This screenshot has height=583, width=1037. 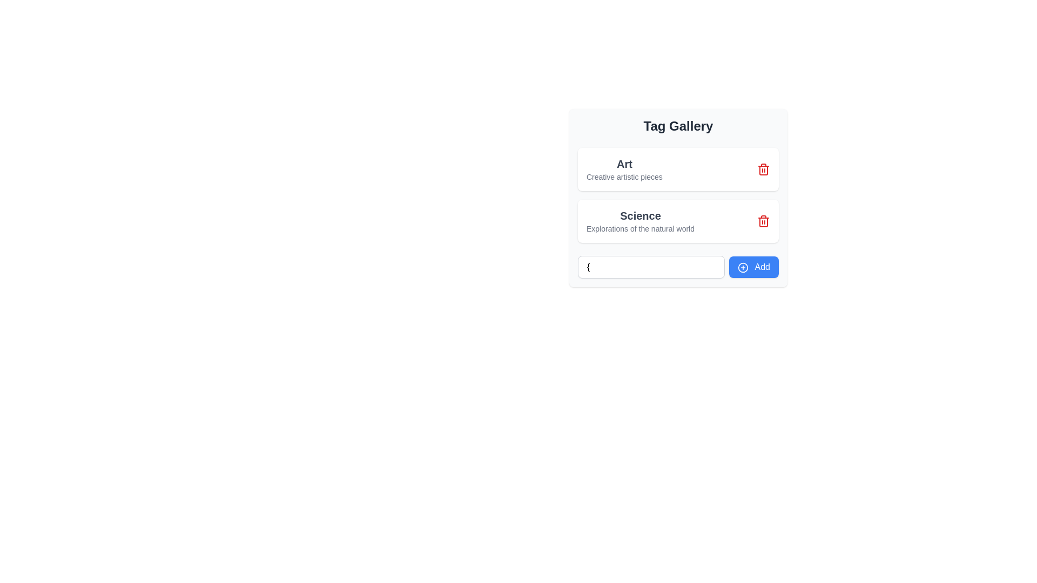 What do you see at coordinates (763, 169) in the screenshot?
I see `the small red icon with a white trash bin symbol located in the upper-right section of the card labeled 'Art' within the 'Tag Gallery' section` at bounding box center [763, 169].